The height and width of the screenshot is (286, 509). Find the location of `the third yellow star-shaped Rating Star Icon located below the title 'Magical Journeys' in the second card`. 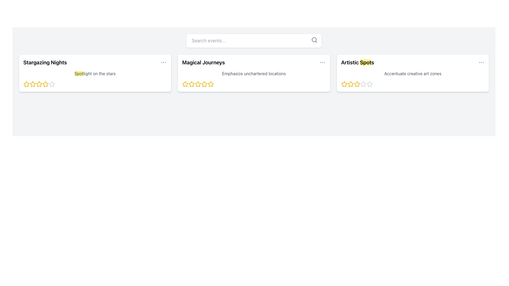

the third yellow star-shaped Rating Star Icon located below the title 'Magical Journeys' in the second card is located at coordinates (191, 84).